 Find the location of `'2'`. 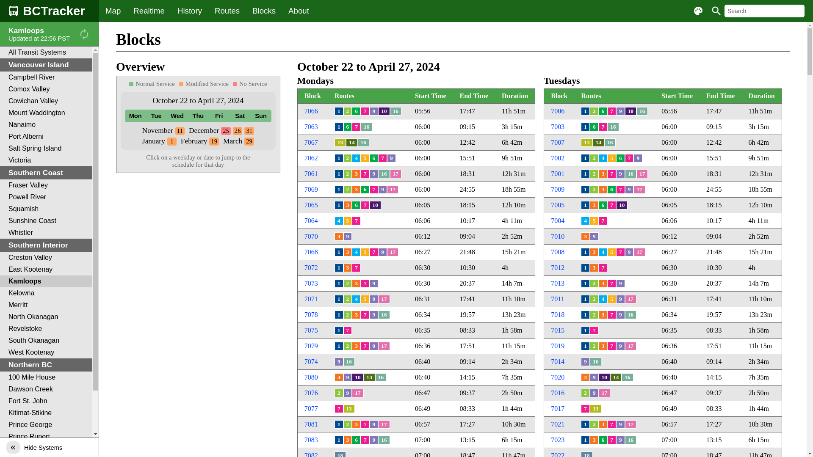

'2' is located at coordinates (594, 284).